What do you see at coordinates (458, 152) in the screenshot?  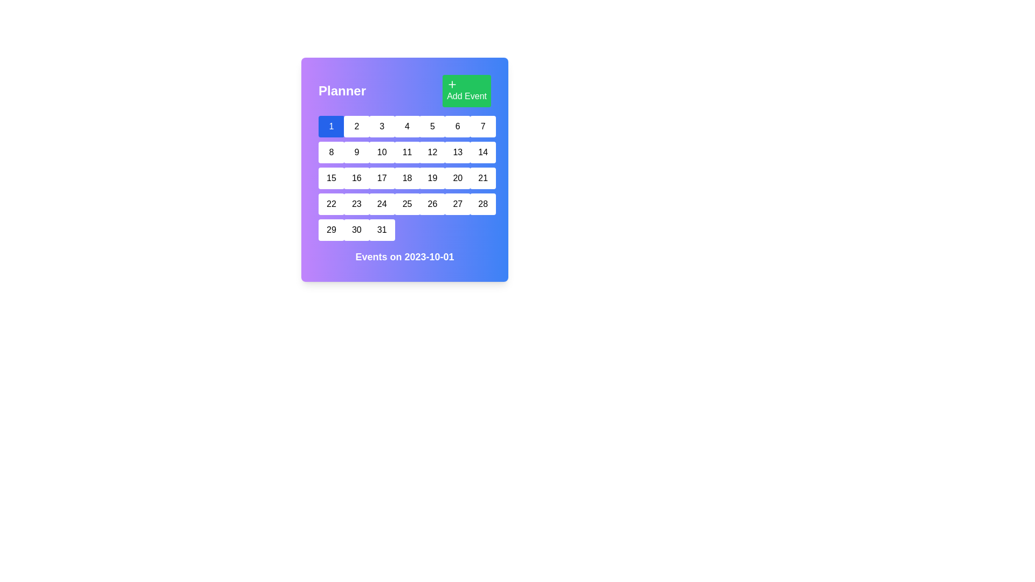 I see `the button representing the 13th day in the calendar view` at bounding box center [458, 152].